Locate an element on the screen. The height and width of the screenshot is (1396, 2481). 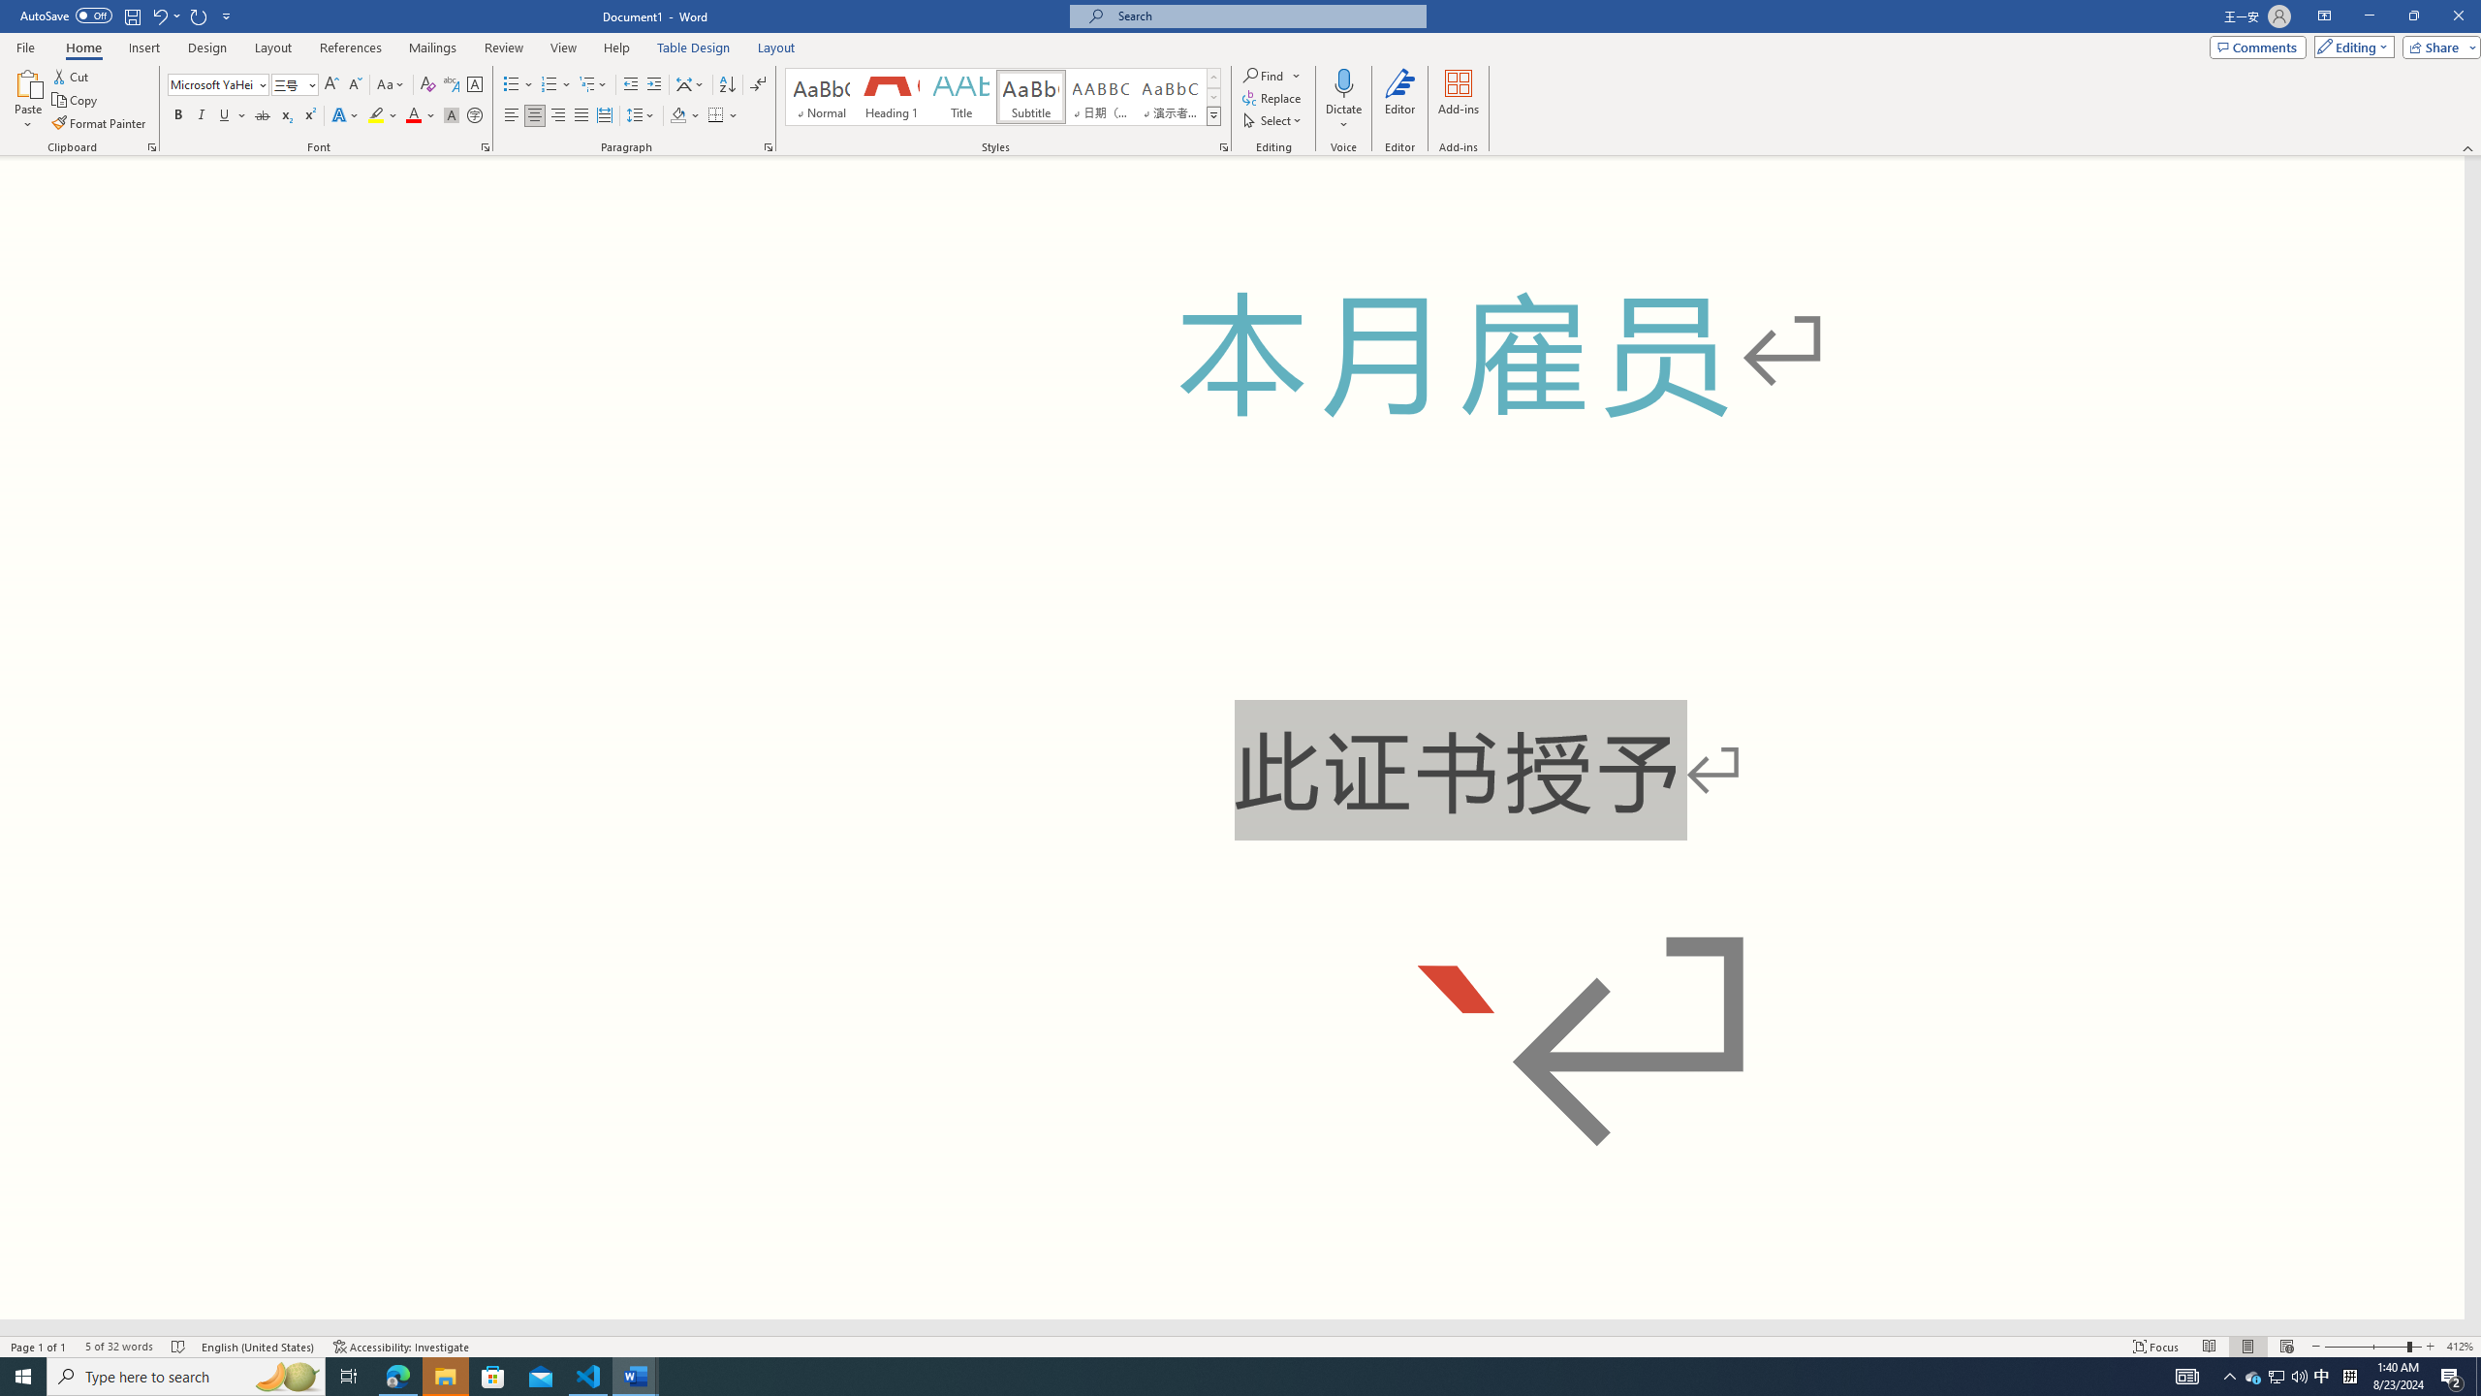
'Focus ' is located at coordinates (2156, 1347).